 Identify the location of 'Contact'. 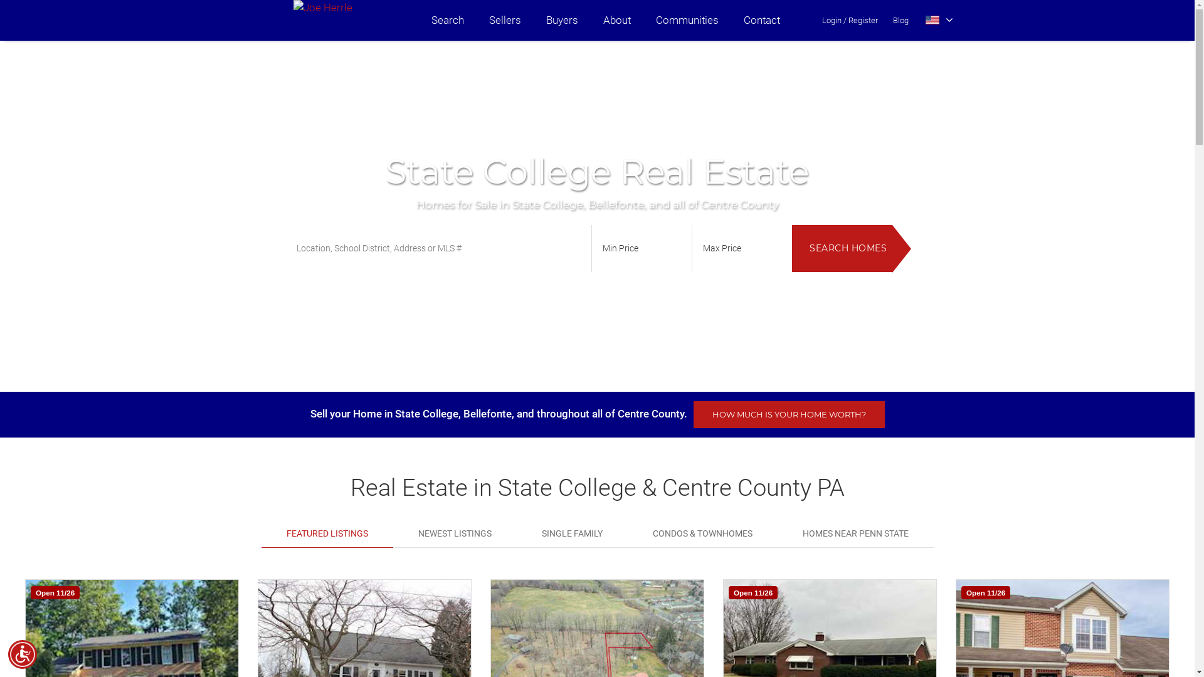
(761, 20).